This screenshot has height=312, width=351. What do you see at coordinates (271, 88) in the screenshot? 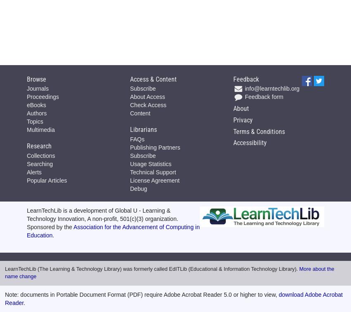
I see `'info@learntechlib.org'` at bounding box center [271, 88].